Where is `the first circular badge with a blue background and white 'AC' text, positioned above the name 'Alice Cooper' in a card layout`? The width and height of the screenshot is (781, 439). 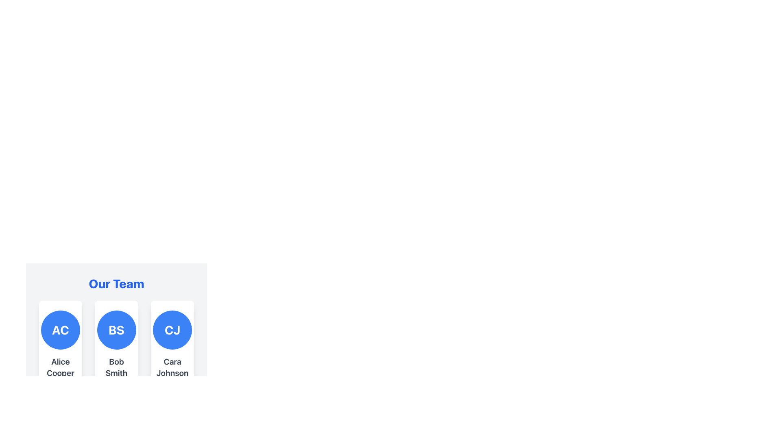
the first circular badge with a blue background and white 'AC' text, positioned above the name 'Alice Cooper' in a card layout is located at coordinates (60, 330).